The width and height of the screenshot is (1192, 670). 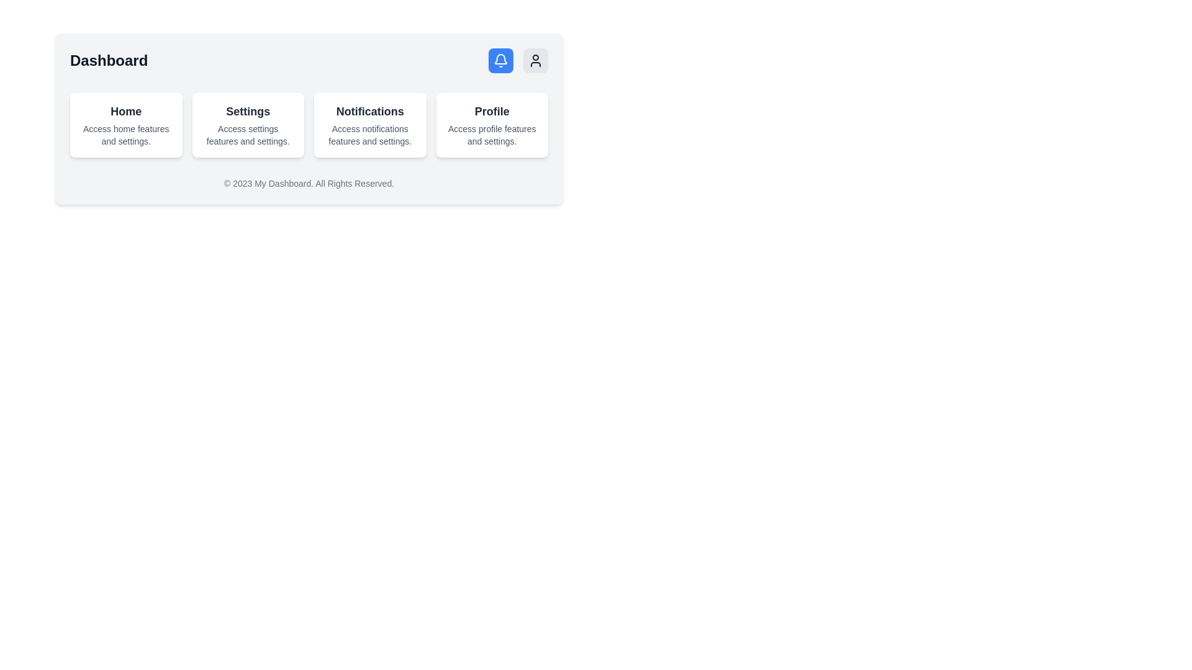 I want to click on the bell icon button located in the top-right section of the interface, so click(x=500, y=60).